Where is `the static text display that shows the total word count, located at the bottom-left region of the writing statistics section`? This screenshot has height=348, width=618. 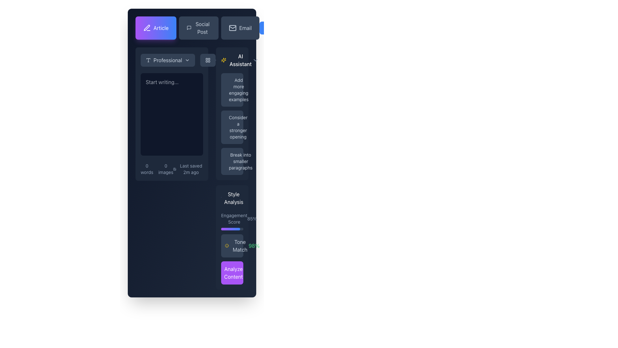 the static text display that shows the total word count, located at the bottom-left region of the writing statistics section is located at coordinates (146, 169).